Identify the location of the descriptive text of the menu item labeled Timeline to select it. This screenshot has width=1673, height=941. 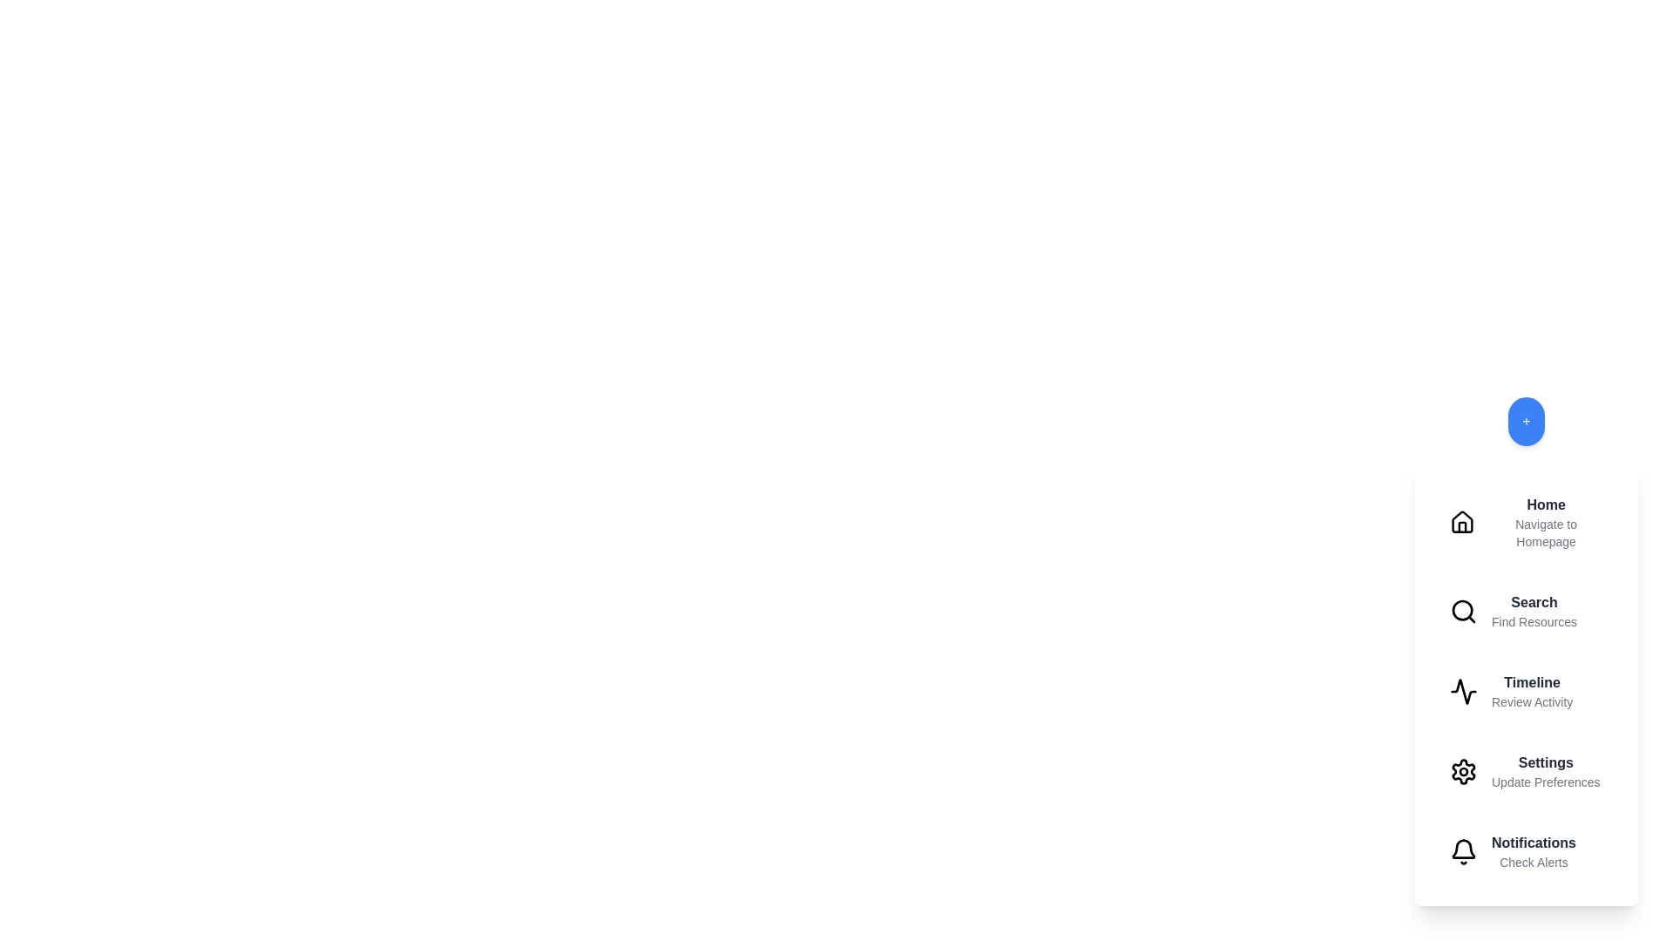
(1531, 701).